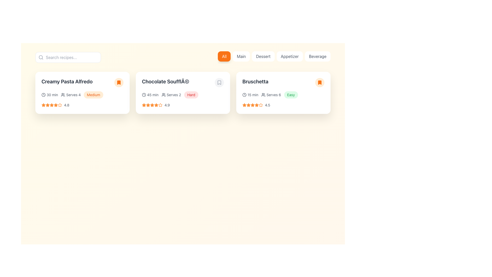 This screenshot has height=277, width=492. What do you see at coordinates (219, 82) in the screenshot?
I see `the circular button containing the bookmark icon located at the top-right corner of the 'Chocolate Soufflé' content card` at bounding box center [219, 82].